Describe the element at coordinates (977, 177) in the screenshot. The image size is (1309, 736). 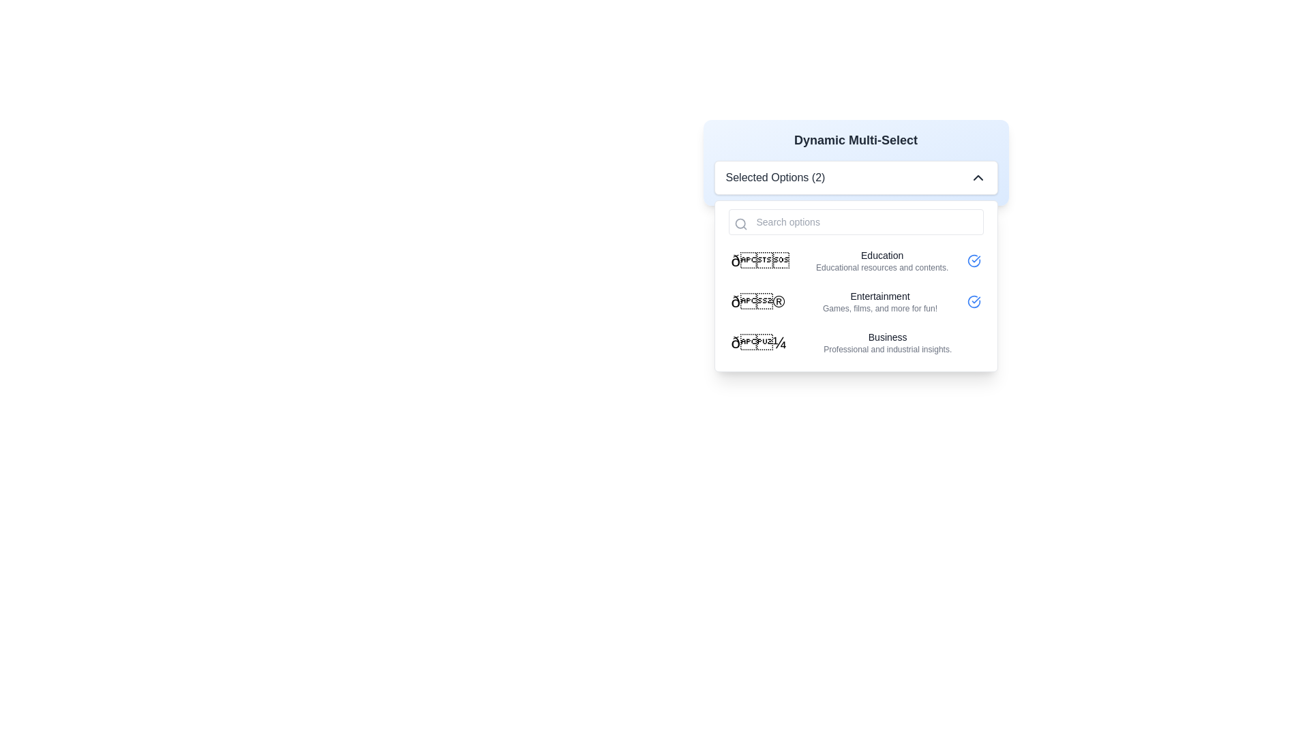
I see `the toggle icon button located at the top-right corner of the 'Selected Options (2)' input box` at that location.